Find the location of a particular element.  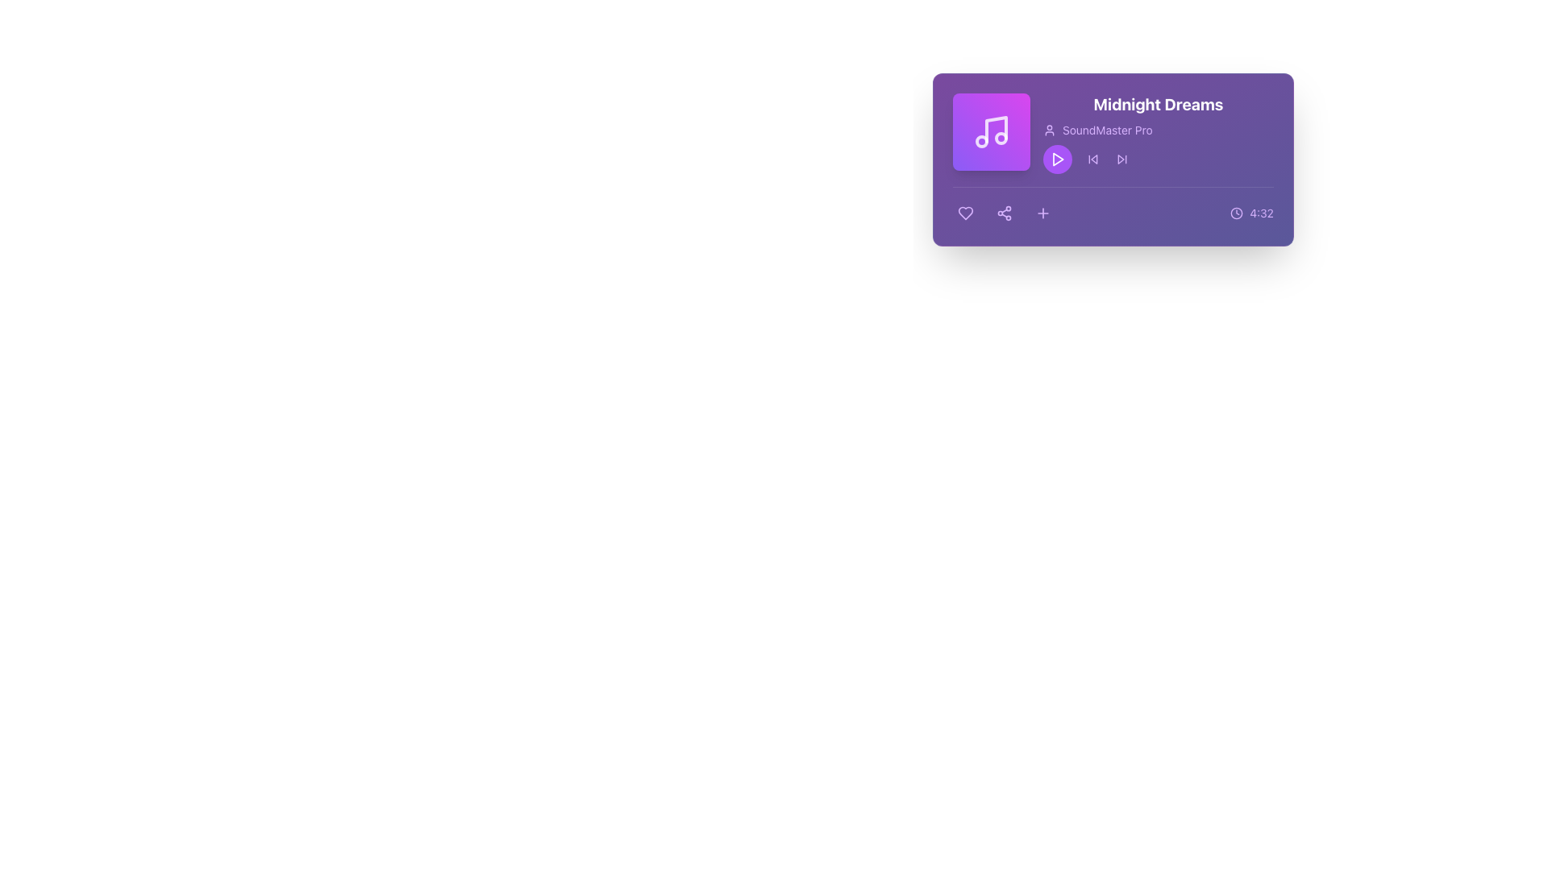

the backward skip icon button, which is an SVG icon shaped like a triangular arrow pointing left, to skip to the previous track is located at coordinates (1093, 159).